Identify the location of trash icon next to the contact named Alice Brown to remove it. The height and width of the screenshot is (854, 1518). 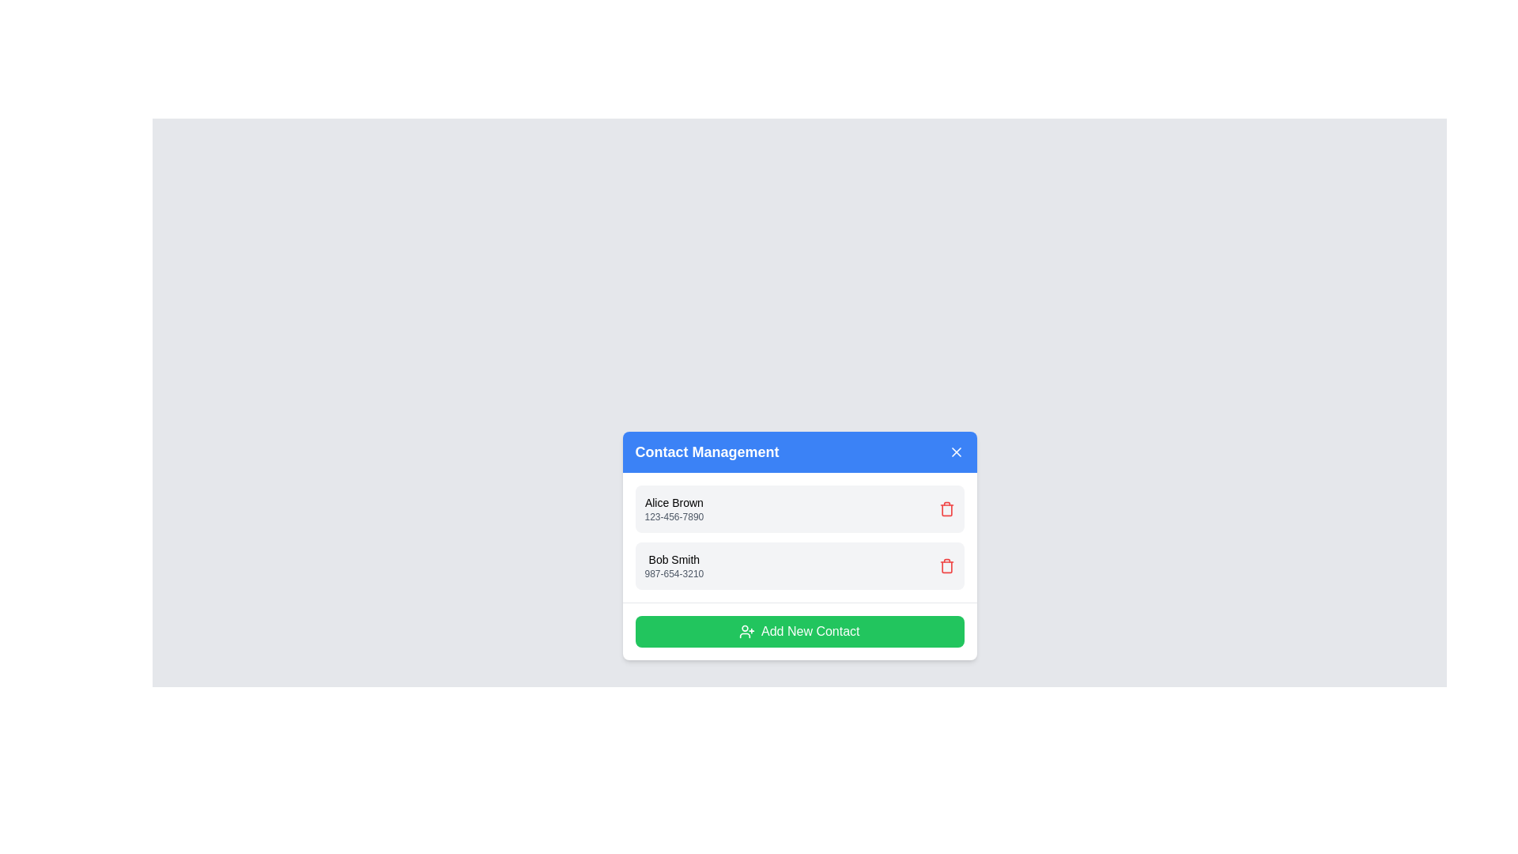
(946, 508).